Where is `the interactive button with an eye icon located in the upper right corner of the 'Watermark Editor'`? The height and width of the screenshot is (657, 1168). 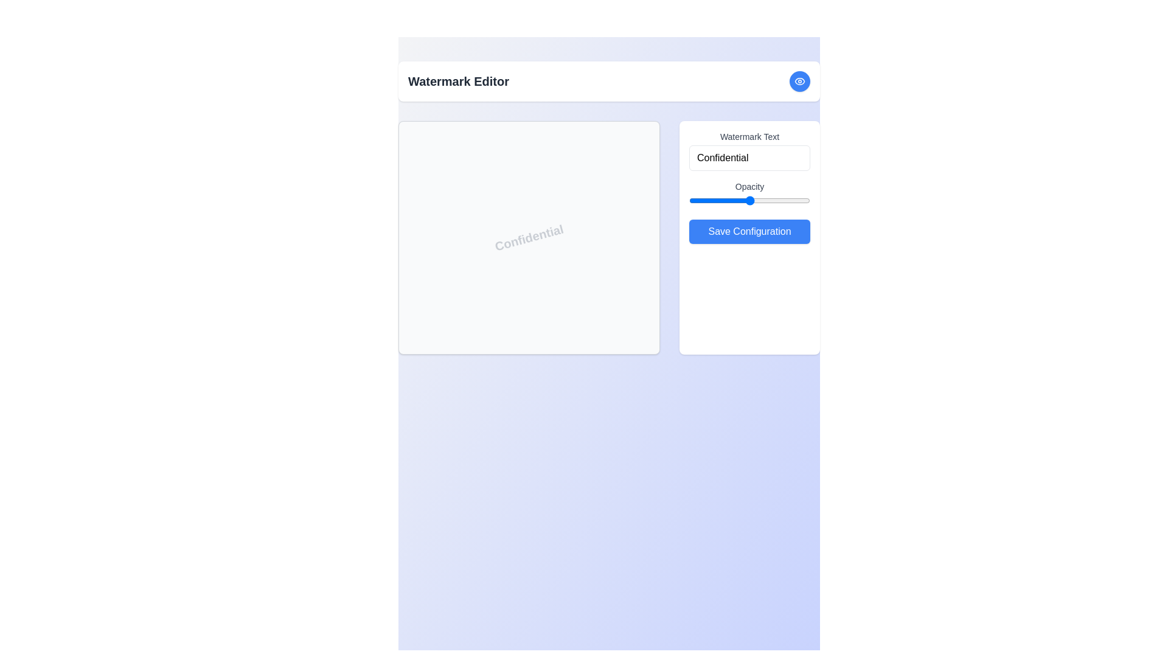 the interactive button with an eye icon located in the upper right corner of the 'Watermark Editor' is located at coordinates (800, 82).